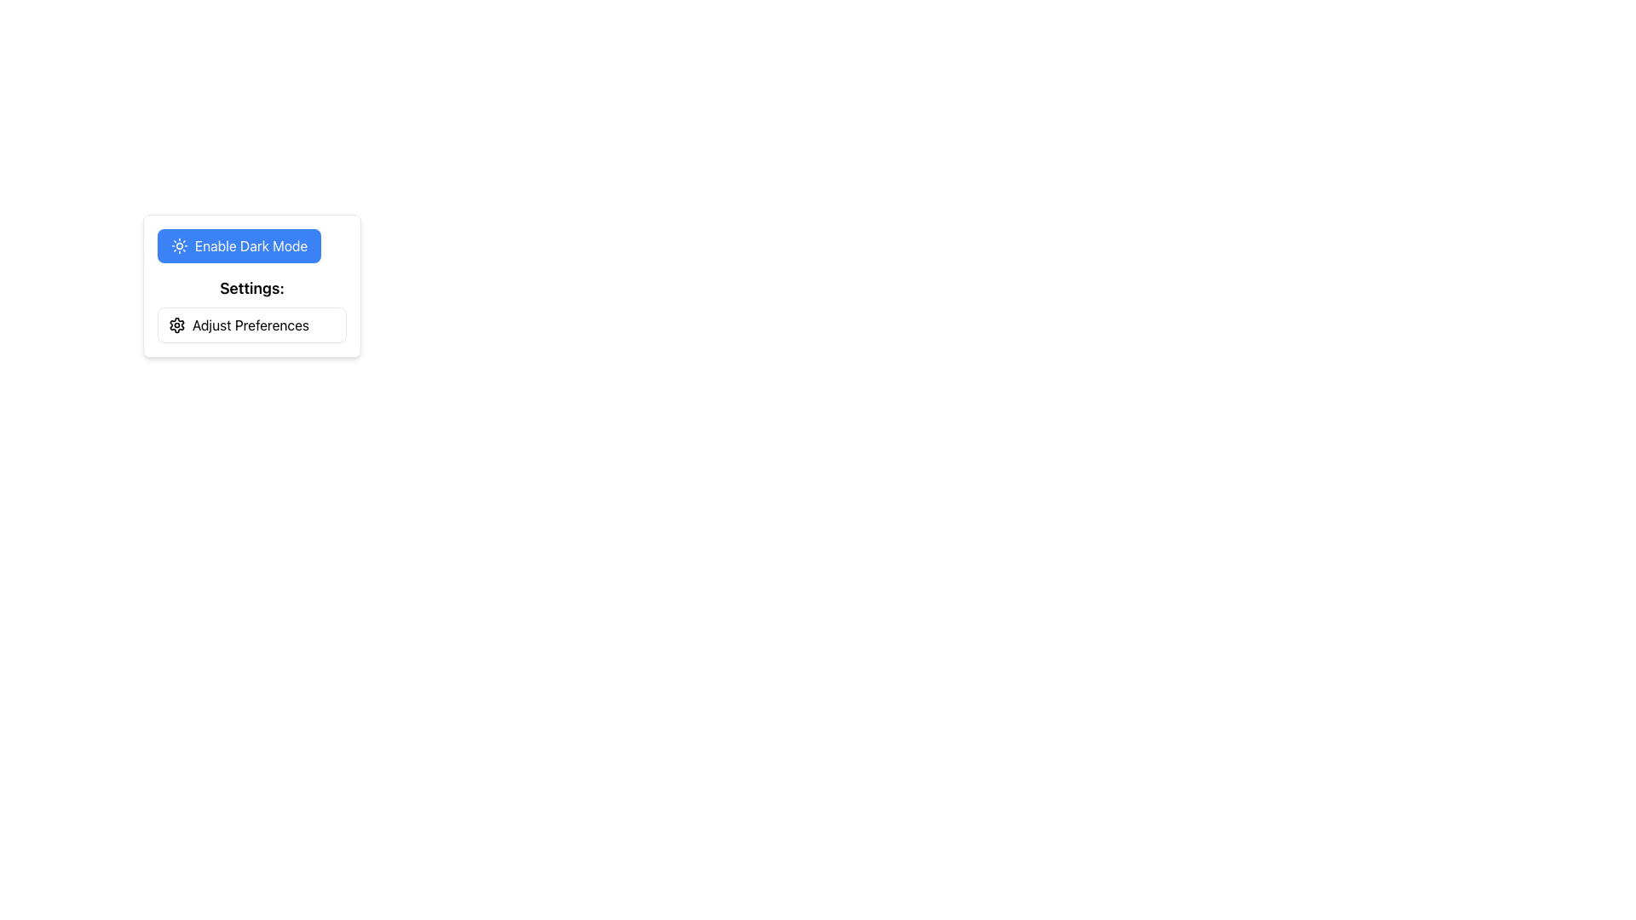 The width and height of the screenshot is (1636, 920). I want to click on the settings button located below the 'Settings:' text to observe any hover effects, so click(251, 325).